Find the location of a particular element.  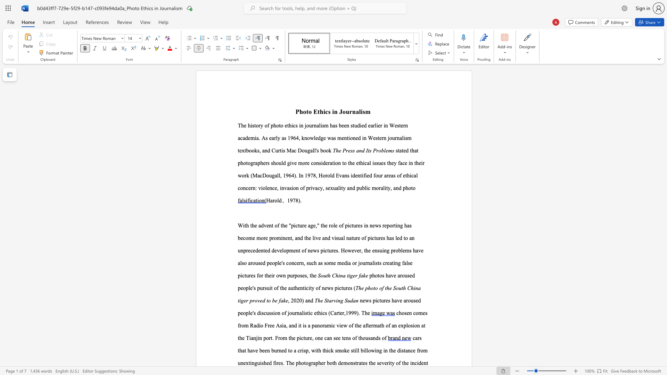

the subset text "ogr" within the text "photographer" is located at coordinates (305, 362).